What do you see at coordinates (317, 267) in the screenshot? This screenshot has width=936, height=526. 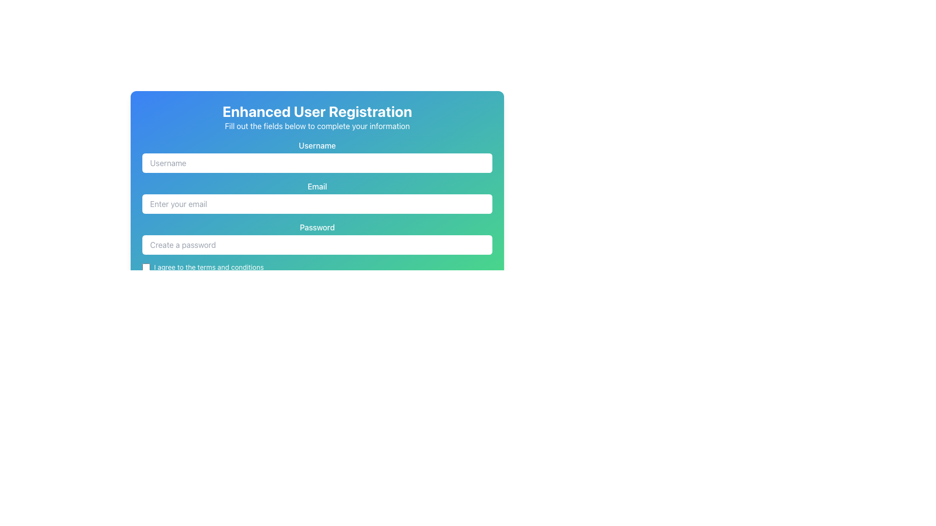 I see `the checkbox labeled 'I agree to the terms and conditions'` at bounding box center [317, 267].